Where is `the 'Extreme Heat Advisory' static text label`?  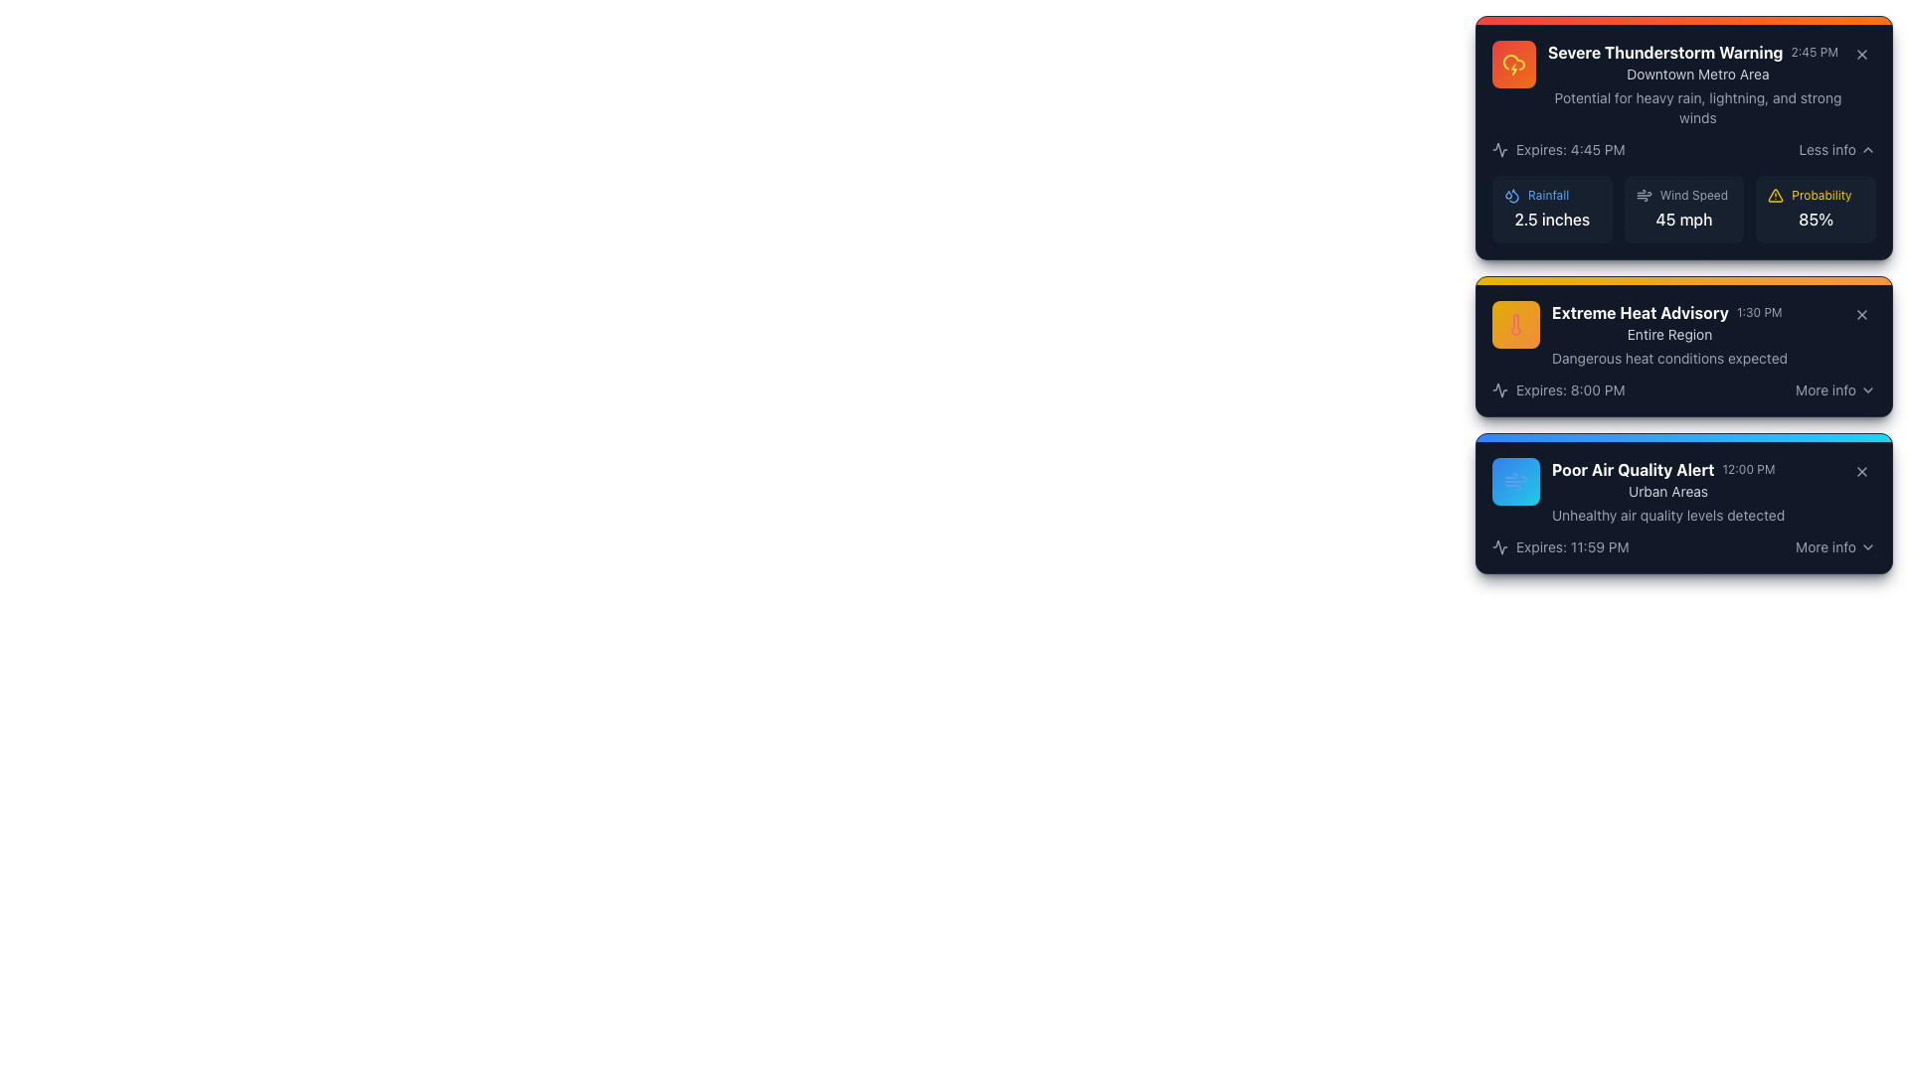
the 'Extreme Heat Advisory' static text label is located at coordinates (1669, 313).